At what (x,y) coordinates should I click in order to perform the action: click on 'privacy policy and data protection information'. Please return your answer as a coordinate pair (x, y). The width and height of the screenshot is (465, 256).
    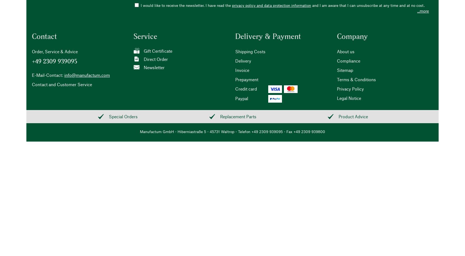
    Looking at the image, I should click on (271, 5).